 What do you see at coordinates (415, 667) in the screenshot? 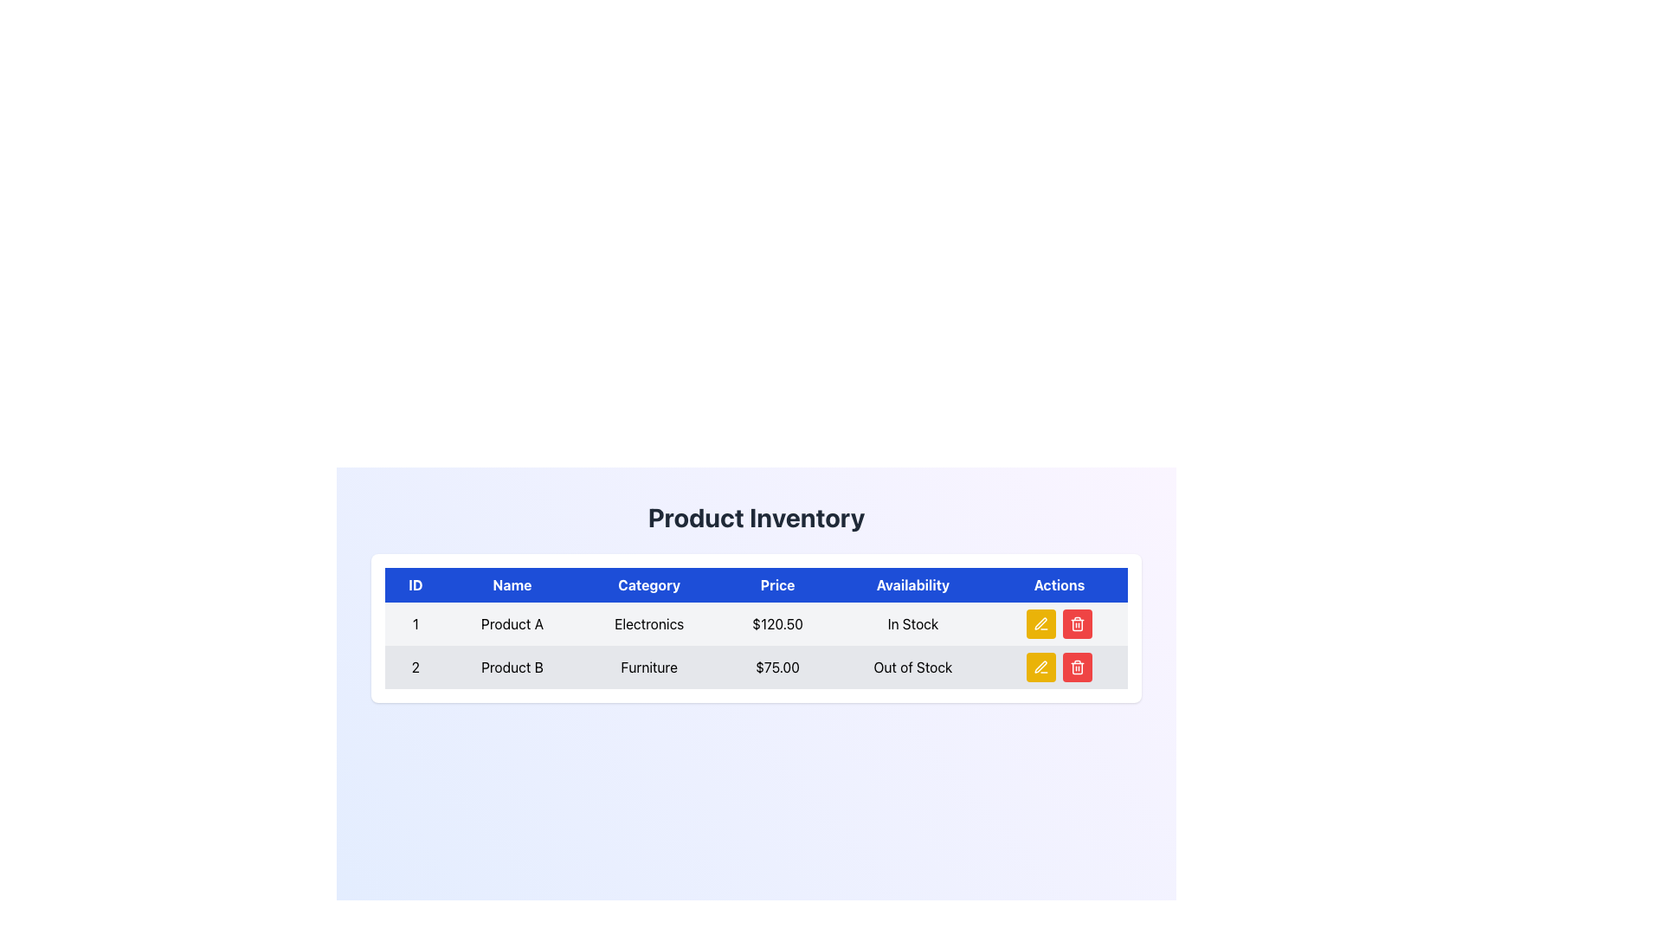
I see `the table cell displaying the text '2', which is located in the first column of the second row under the 'ID' column` at bounding box center [415, 667].